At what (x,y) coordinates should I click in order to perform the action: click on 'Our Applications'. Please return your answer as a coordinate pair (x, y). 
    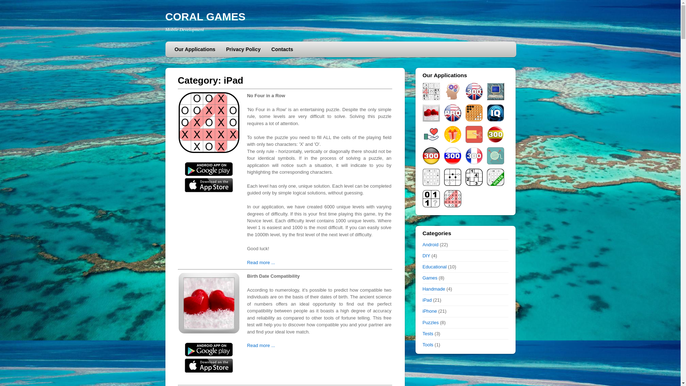
    Looking at the image, I should click on (195, 49).